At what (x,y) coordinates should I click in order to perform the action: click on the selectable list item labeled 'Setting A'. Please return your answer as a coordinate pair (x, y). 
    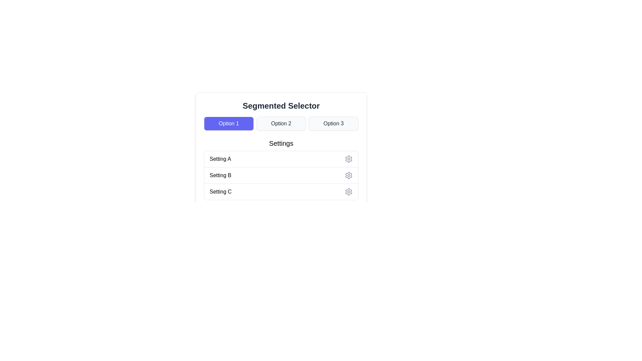
    Looking at the image, I should click on (281, 159).